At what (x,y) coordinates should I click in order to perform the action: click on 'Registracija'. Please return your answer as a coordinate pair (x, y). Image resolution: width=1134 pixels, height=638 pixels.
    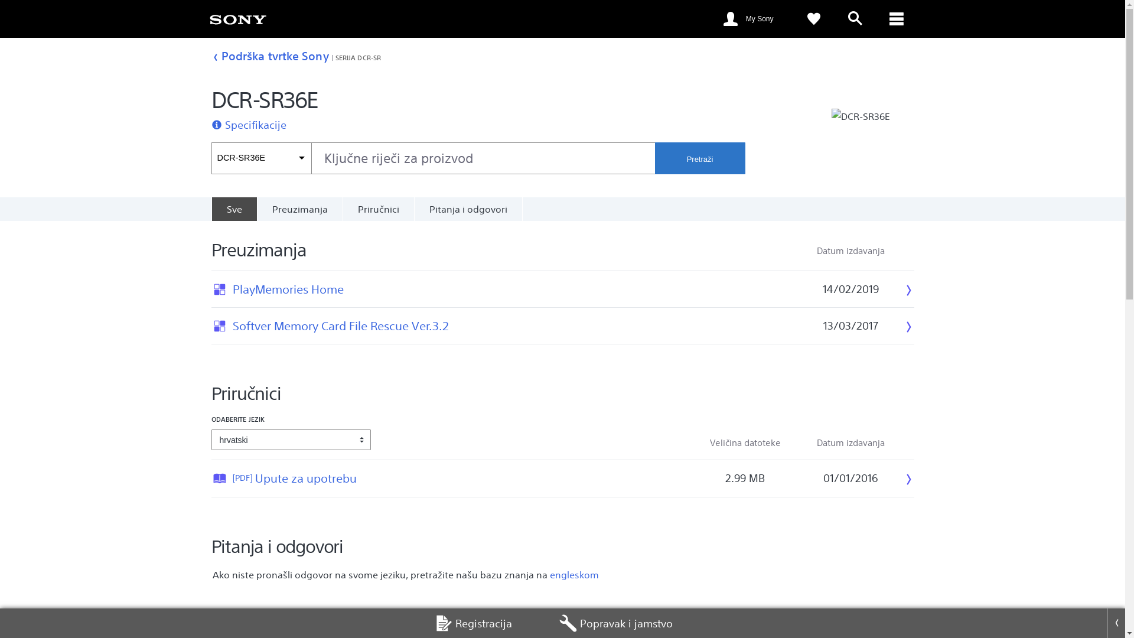
    Looking at the image, I should click on (434, 623).